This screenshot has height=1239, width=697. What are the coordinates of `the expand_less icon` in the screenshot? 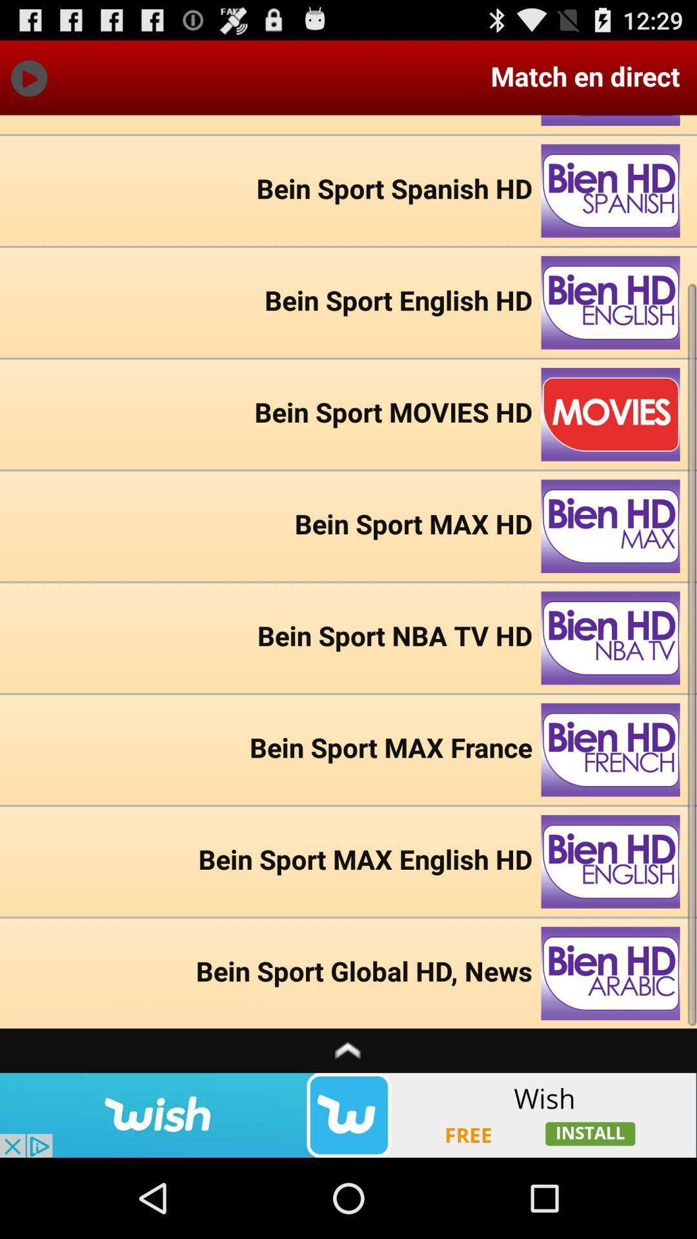 It's located at (348, 1123).